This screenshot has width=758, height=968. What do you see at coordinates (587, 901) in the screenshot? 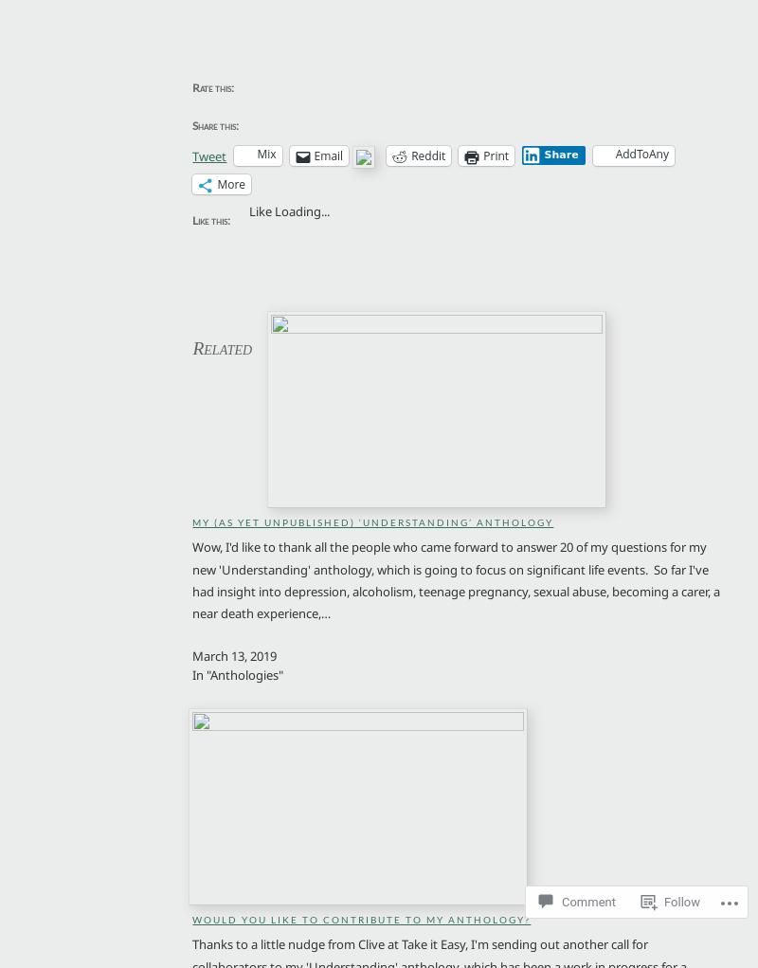
I see `'Comment'` at bounding box center [587, 901].